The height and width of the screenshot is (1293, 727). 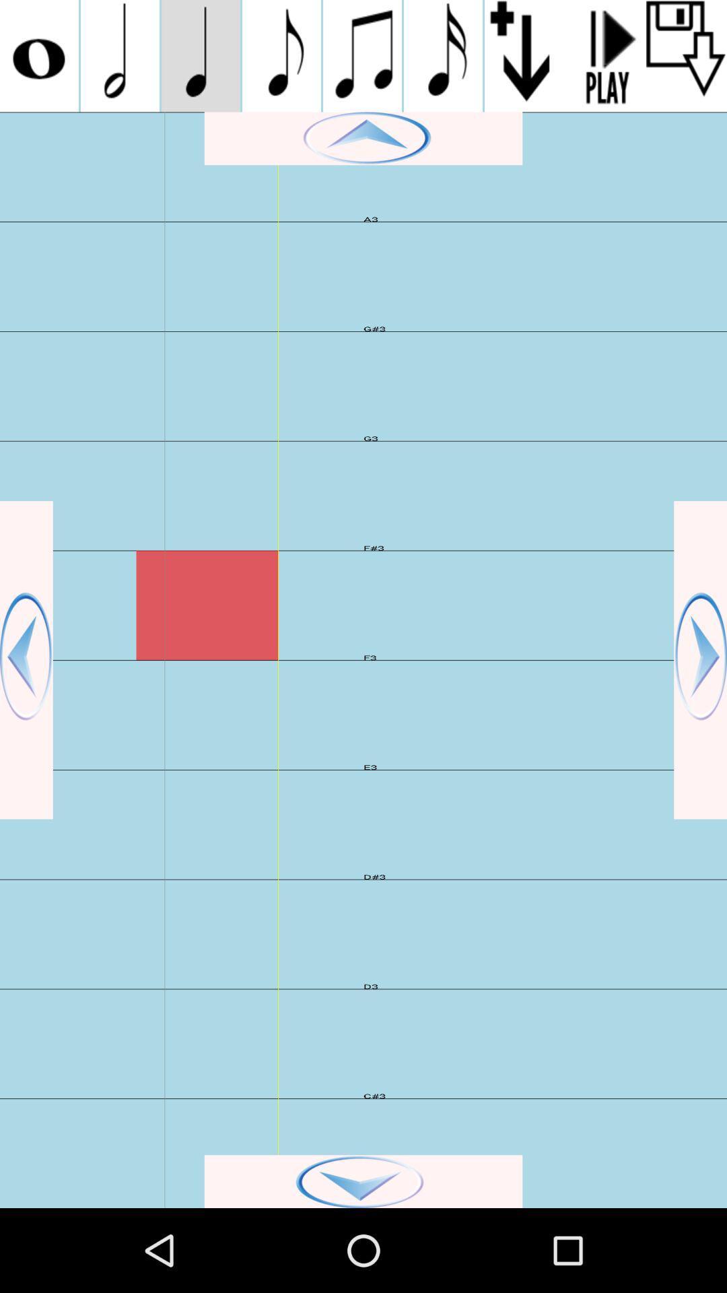 I want to click on play, so click(x=604, y=55).